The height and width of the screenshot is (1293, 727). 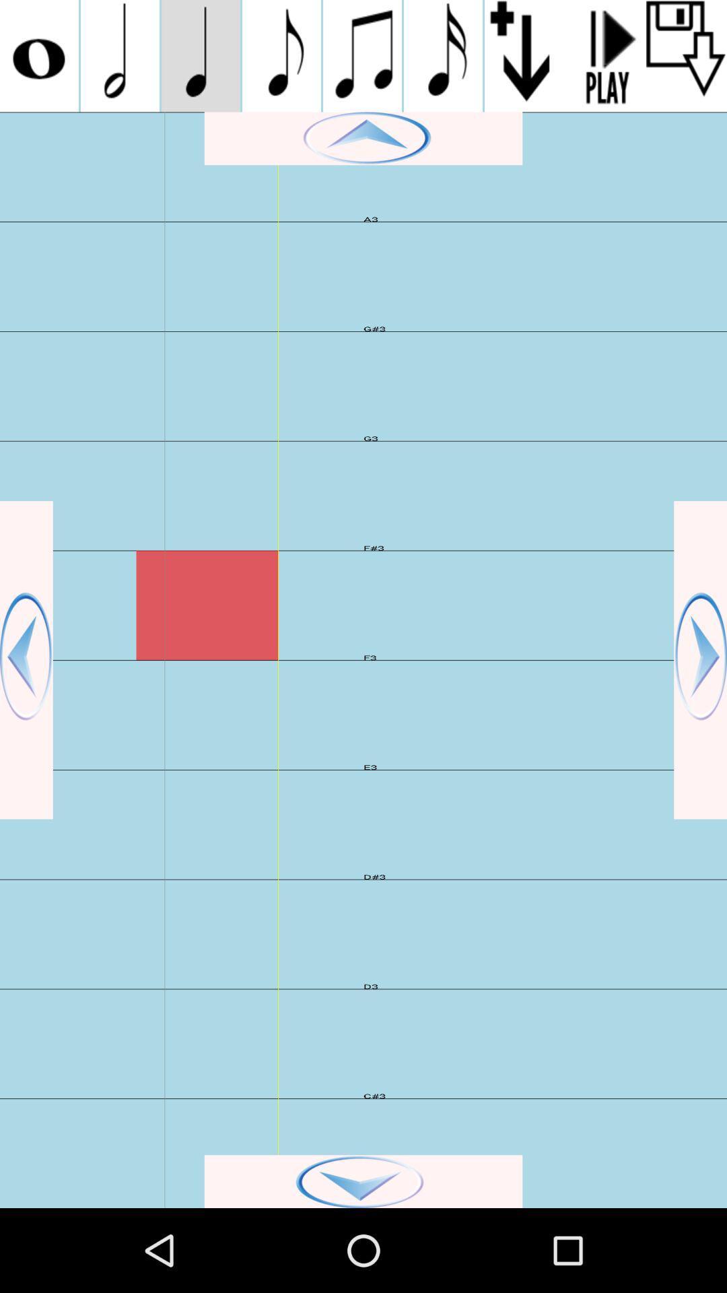 I want to click on play, so click(x=604, y=55).